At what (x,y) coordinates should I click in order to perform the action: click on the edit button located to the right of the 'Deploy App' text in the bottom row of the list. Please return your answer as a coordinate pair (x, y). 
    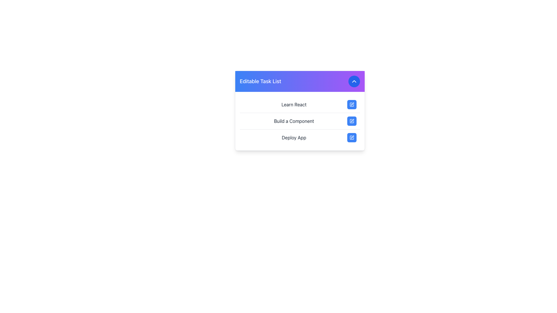
    Looking at the image, I should click on (351, 137).